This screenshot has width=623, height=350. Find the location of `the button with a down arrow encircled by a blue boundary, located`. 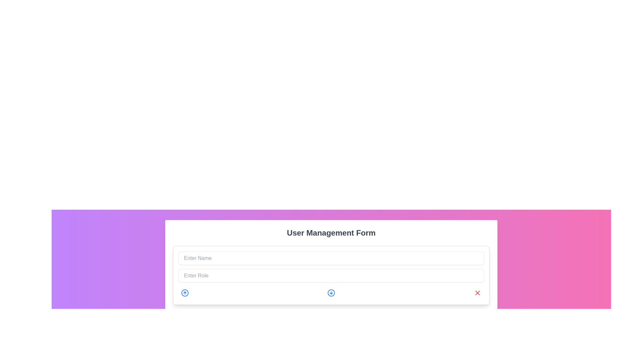

the button with a down arrow encircled by a blue boundary, located is located at coordinates (331, 293).